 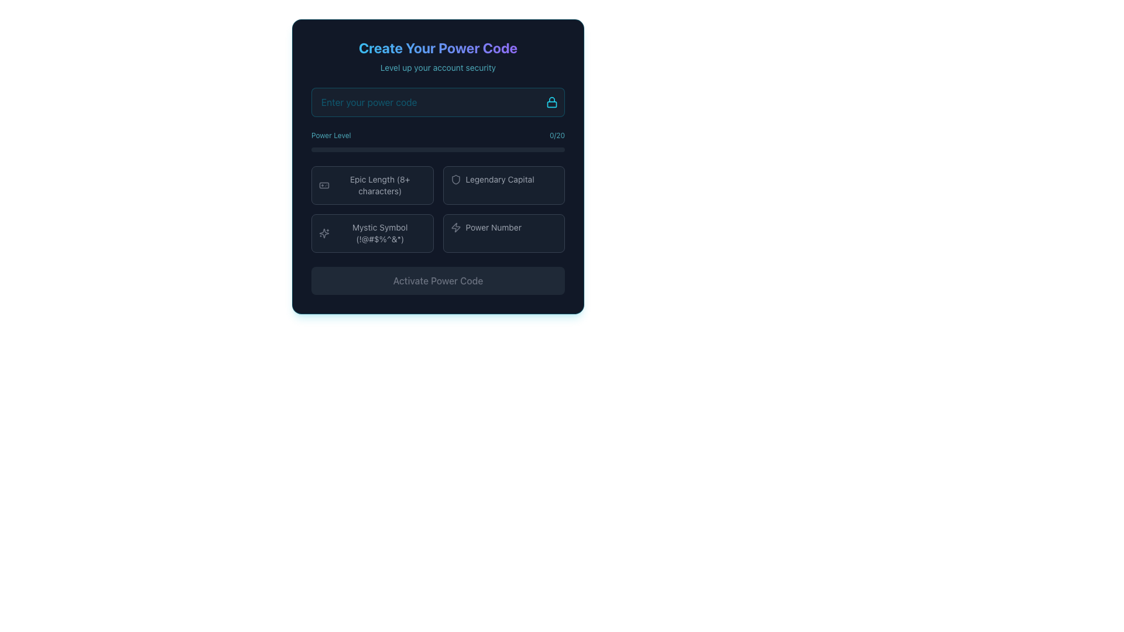 What do you see at coordinates (455, 180) in the screenshot?
I see `the shield-shaped icon located in the top-right corner of the 'Legendary Capital' option for interaction` at bounding box center [455, 180].